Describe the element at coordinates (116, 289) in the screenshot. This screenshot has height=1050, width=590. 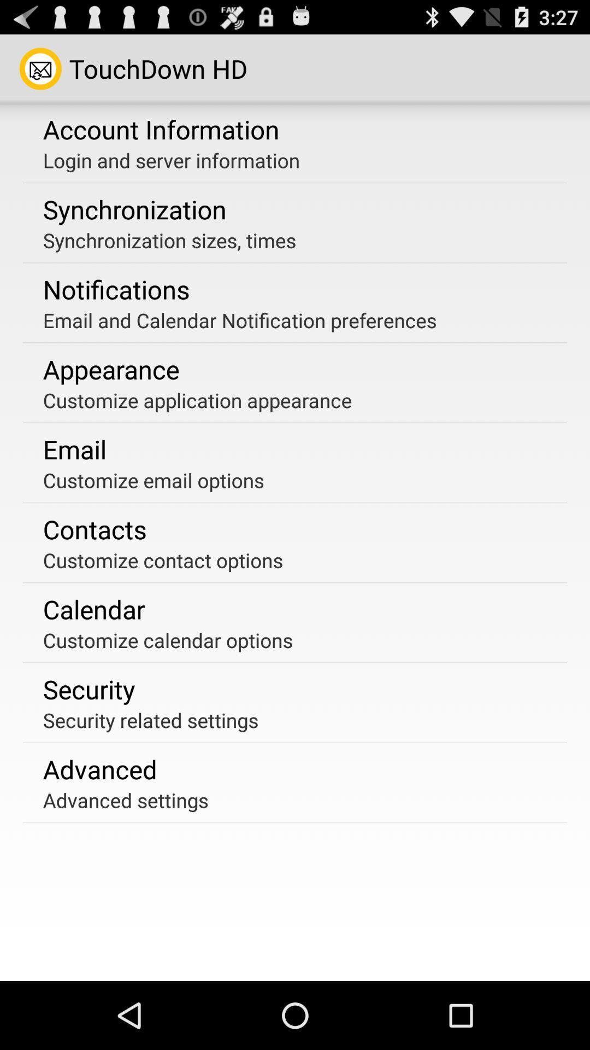
I see `the icon above email and calendar icon` at that location.